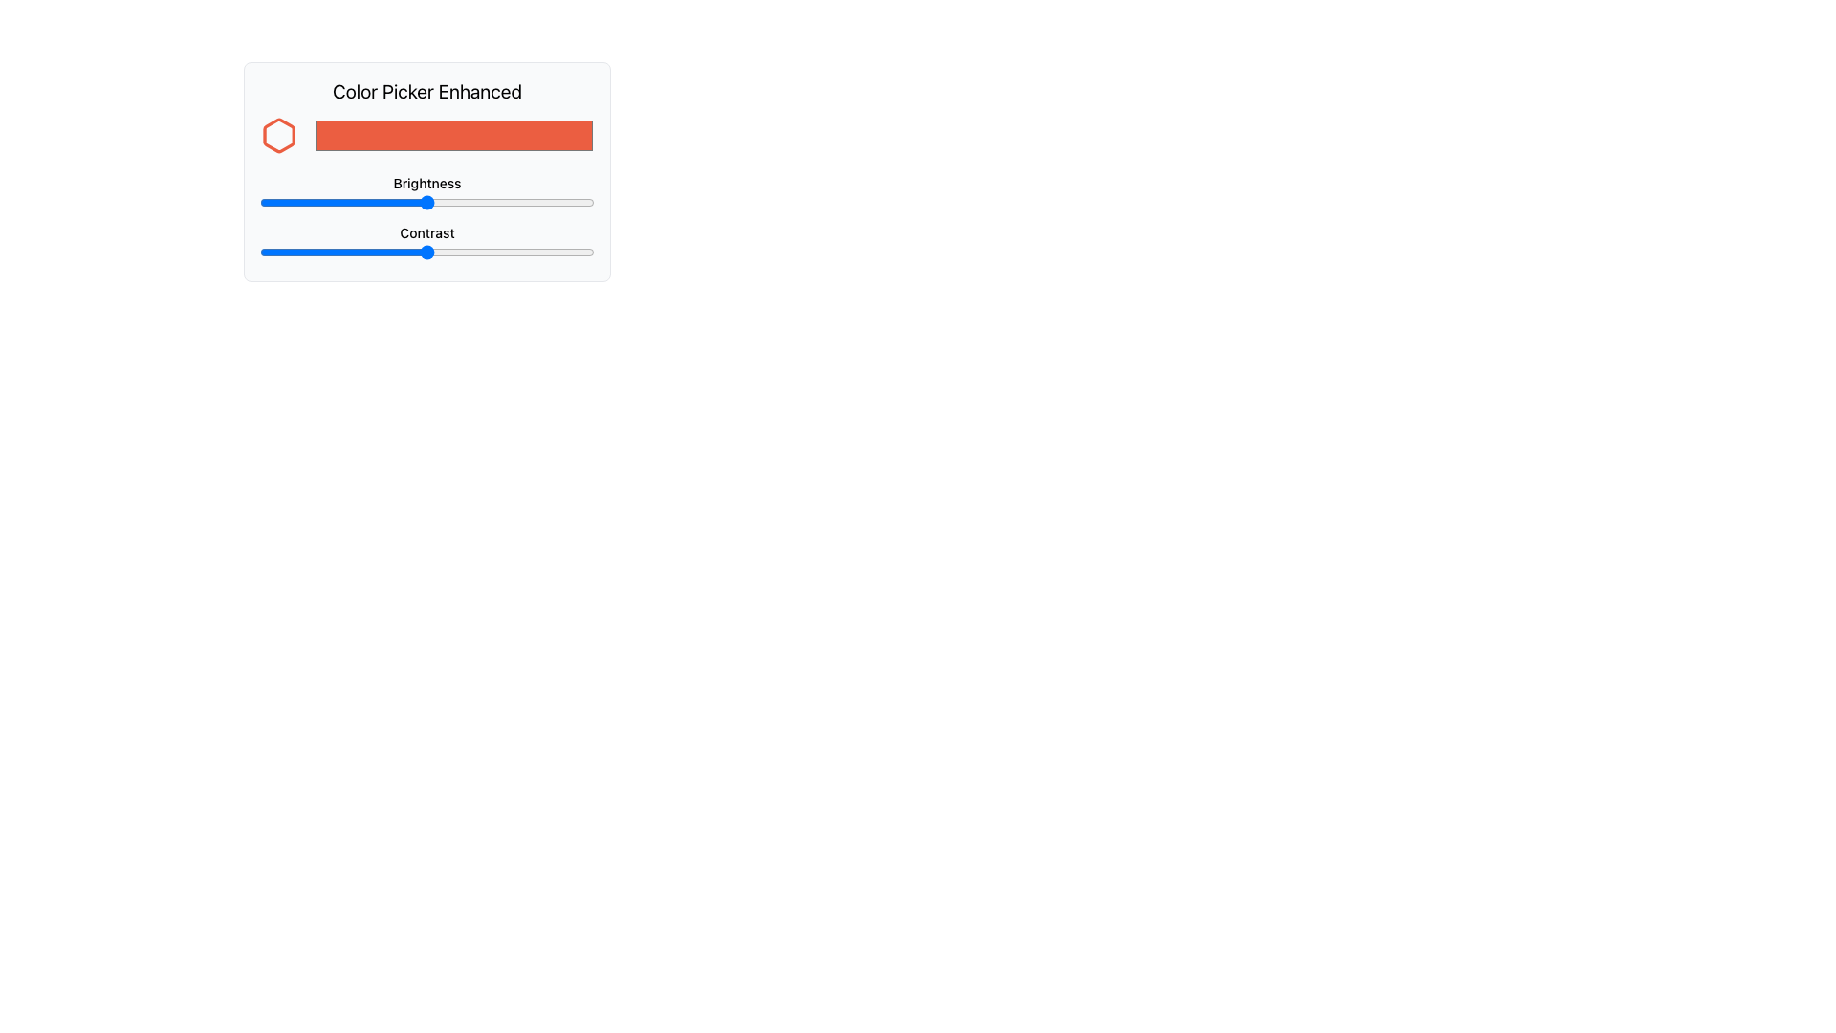 The height and width of the screenshot is (1033, 1836). Describe the element at coordinates (426, 219) in the screenshot. I see `the 'Brightness' and 'Contrast' sliders in the 'Color Picker Enhanced' component` at that location.